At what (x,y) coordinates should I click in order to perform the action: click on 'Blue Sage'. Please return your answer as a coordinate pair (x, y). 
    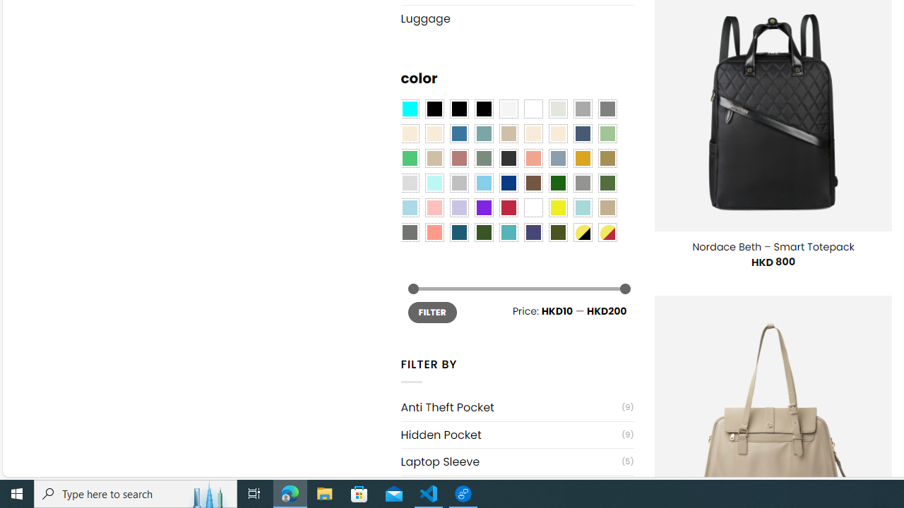
    Looking at the image, I should click on (483, 134).